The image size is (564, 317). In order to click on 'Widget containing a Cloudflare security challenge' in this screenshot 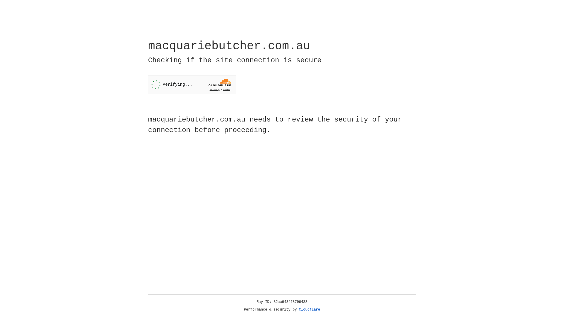, I will do `click(192, 85)`.